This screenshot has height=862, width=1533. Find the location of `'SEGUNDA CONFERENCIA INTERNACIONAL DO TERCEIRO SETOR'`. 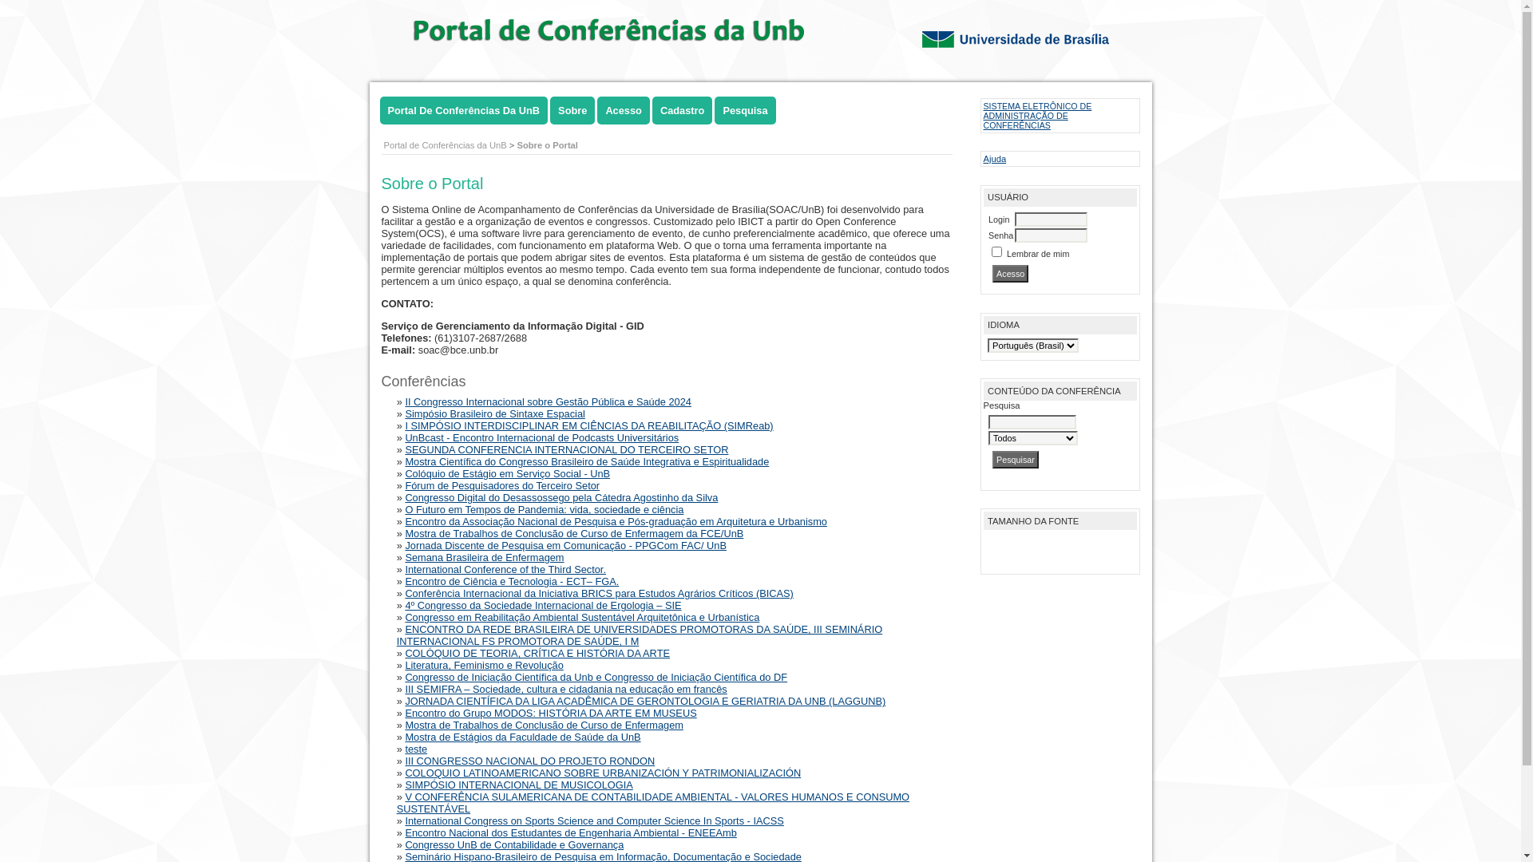

'SEGUNDA CONFERENCIA INTERNACIONAL DO TERCEIRO SETOR' is located at coordinates (566, 449).